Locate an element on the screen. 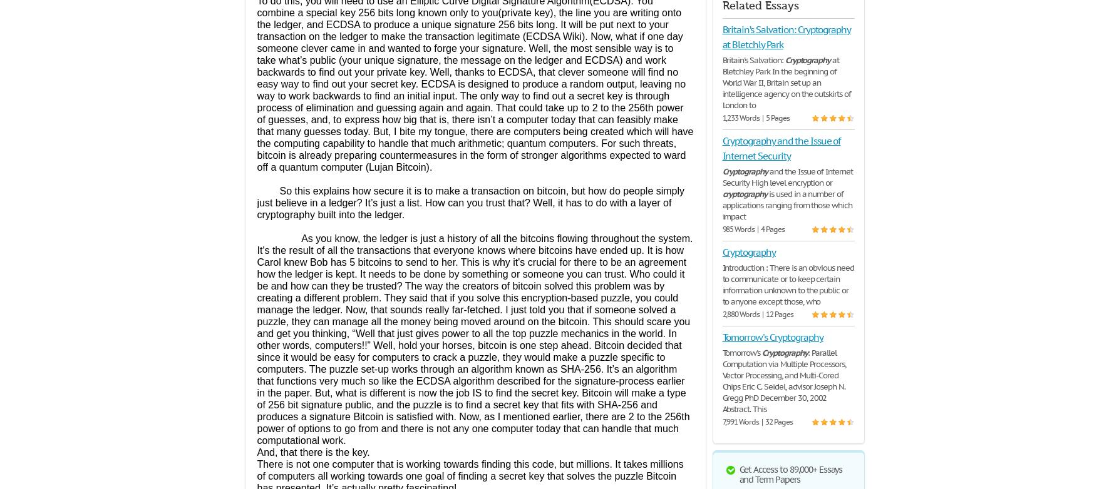 Image resolution: width=1109 pixels, height=489 pixels. 'at Bletchley Park In the beginning of World War II, Britain set up an intelligence agency on the outskirts of London to' is located at coordinates (721, 83).